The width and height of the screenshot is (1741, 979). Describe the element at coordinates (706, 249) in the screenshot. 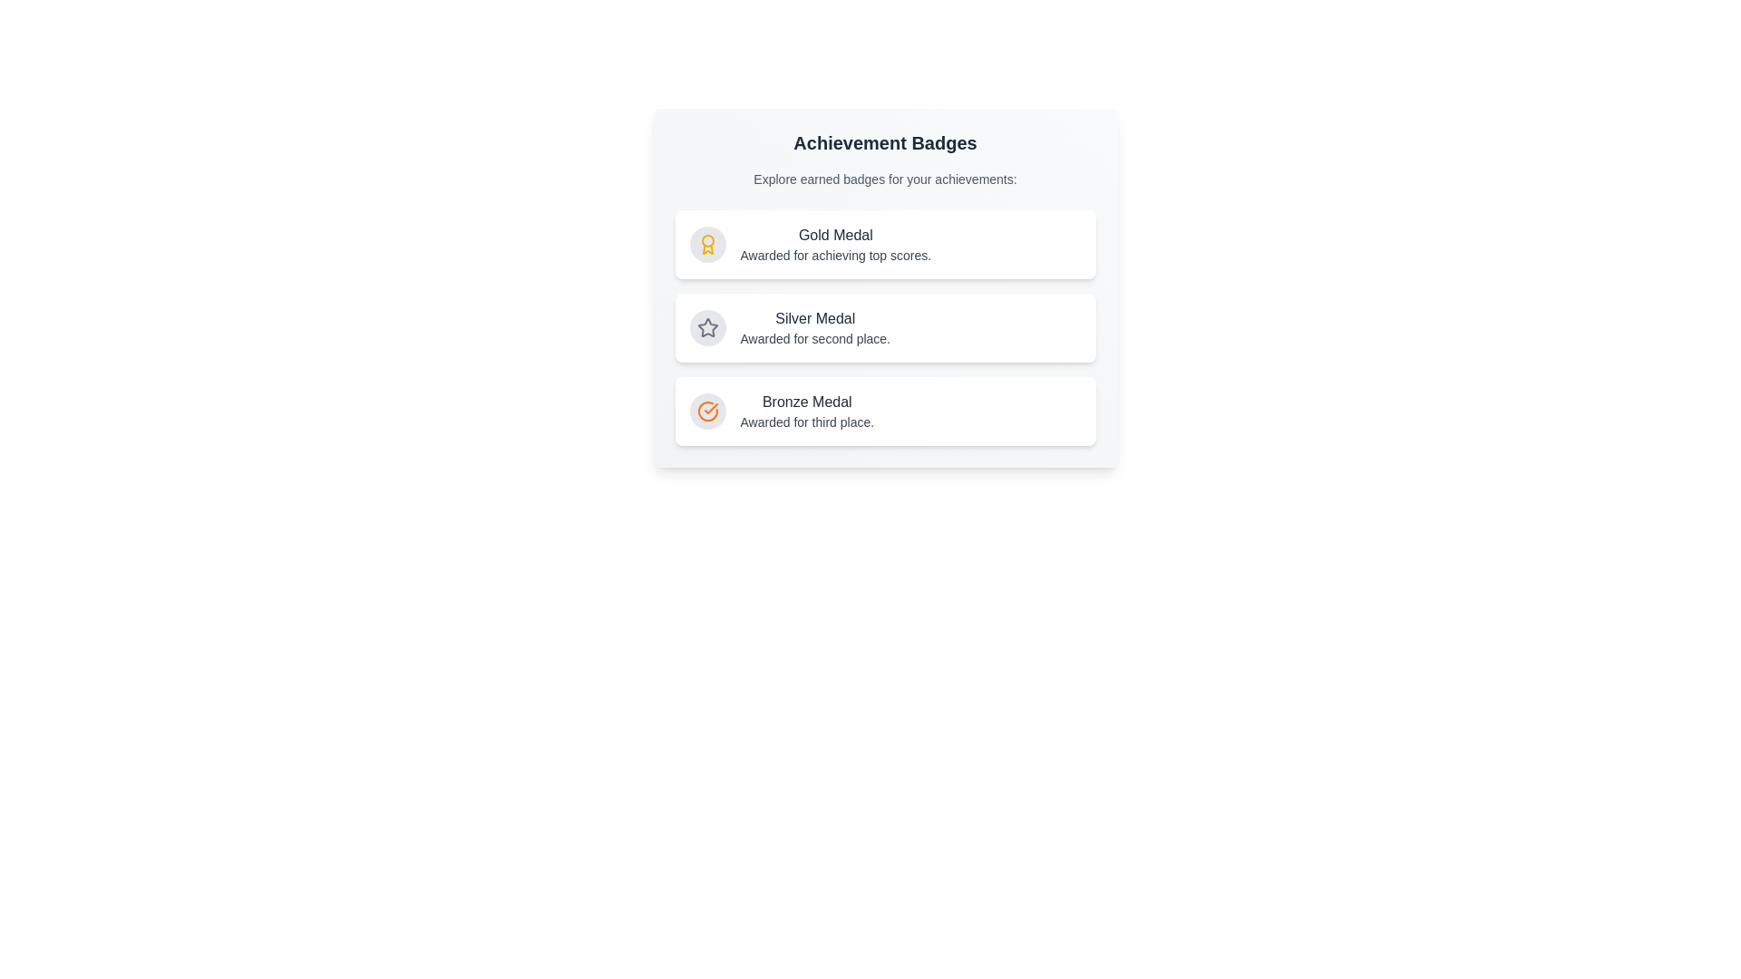

I see `the decorative visual icon representing the 'Gold Medal' achievement, which is part of the SVG component and located near the top-left section of the application` at that location.